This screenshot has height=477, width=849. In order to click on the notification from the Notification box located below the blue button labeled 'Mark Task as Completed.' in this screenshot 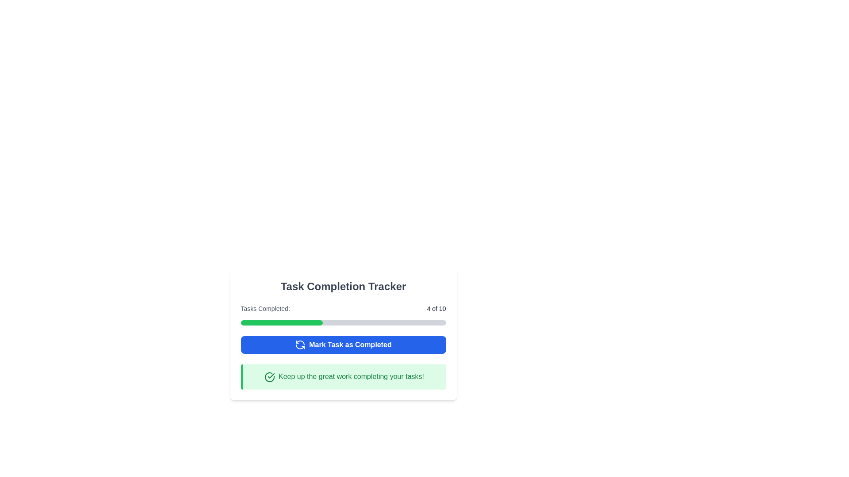, I will do `click(343, 377)`.